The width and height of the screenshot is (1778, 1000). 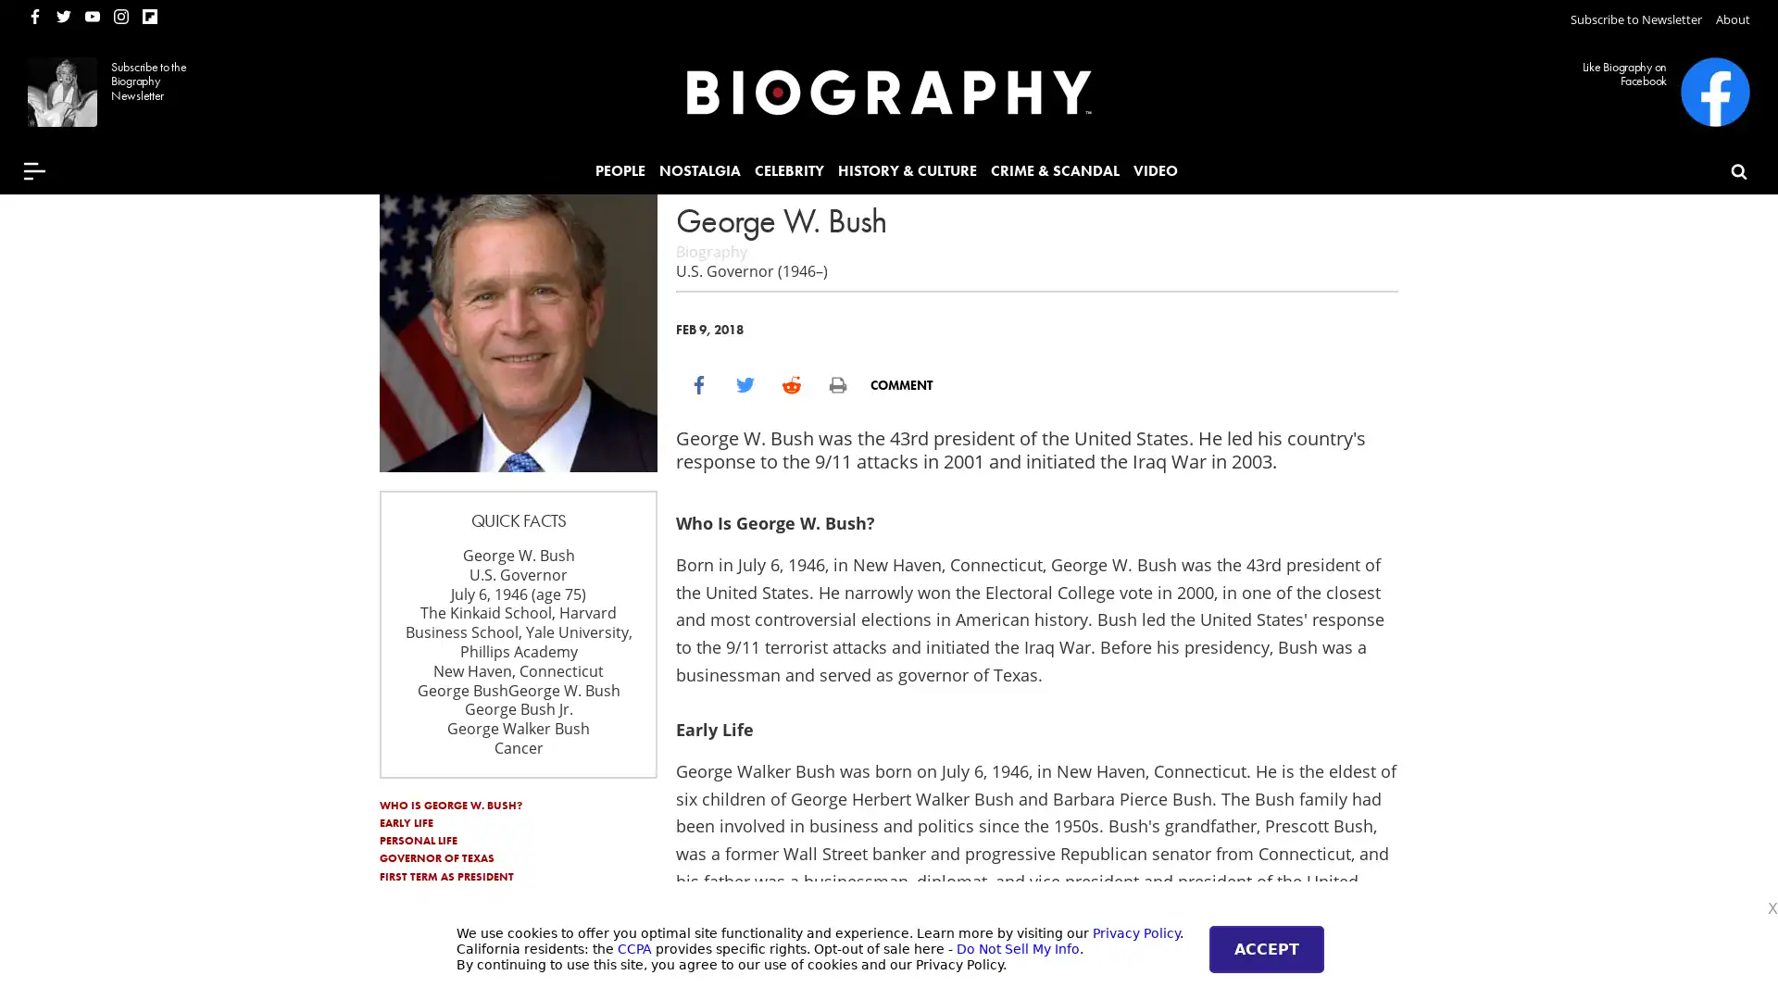 What do you see at coordinates (837, 384) in the screenshot?
I see `print` at bounding box center [837, 384].